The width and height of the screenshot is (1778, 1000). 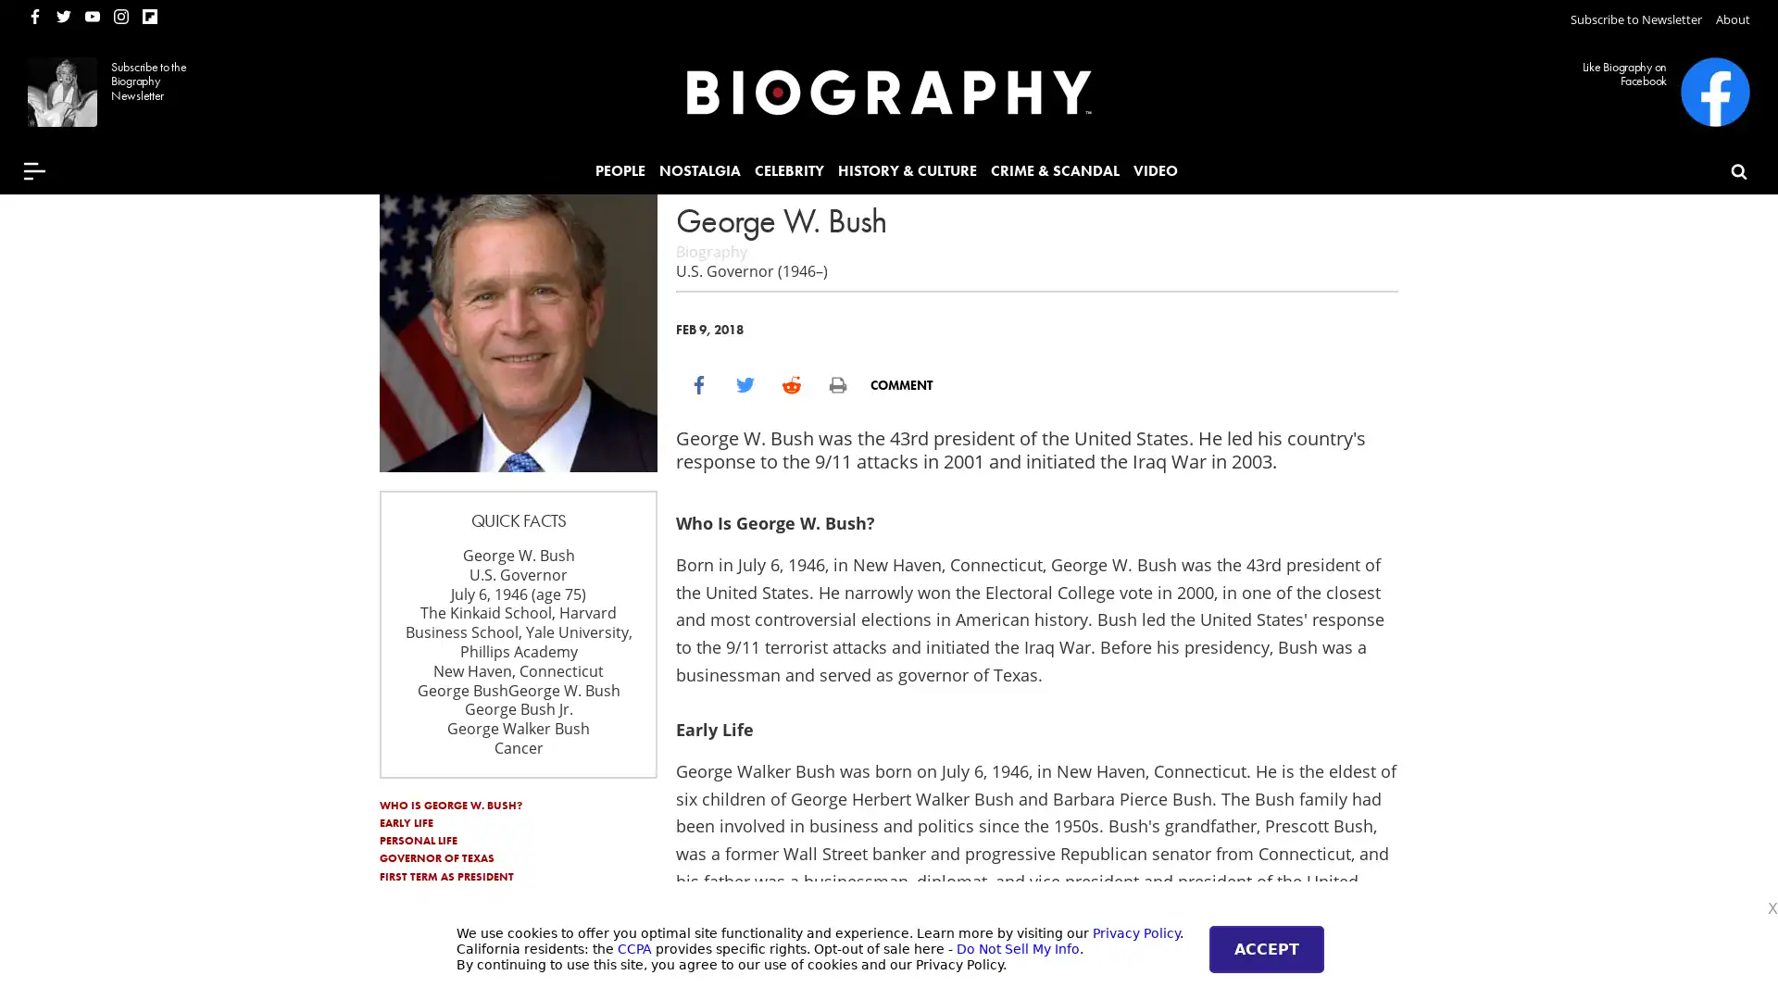 What do you see at coordinates (837, 384) in the screenshot?
I see `print` at bounding box center [837, 384].